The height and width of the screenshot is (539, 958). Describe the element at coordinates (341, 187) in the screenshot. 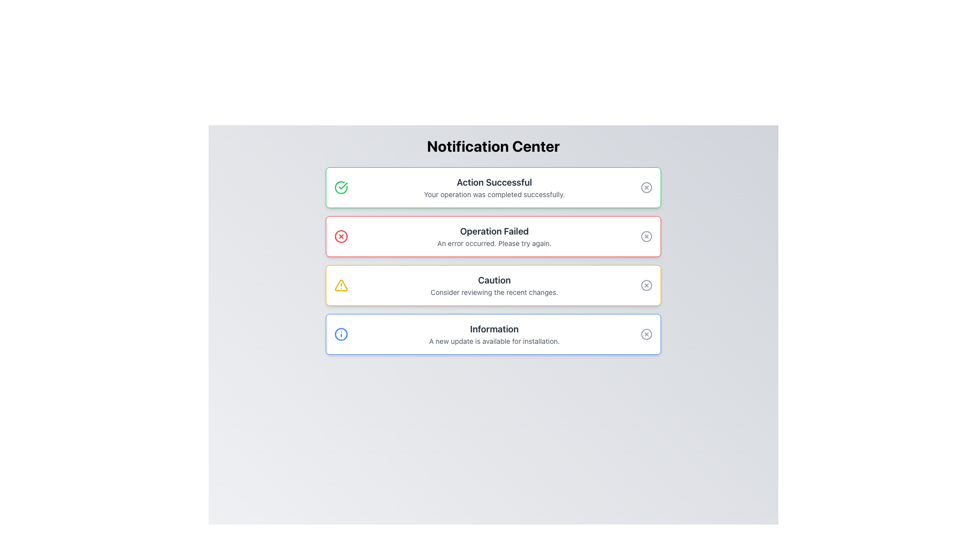

I see `the checkmark icon enclosed within a green circle, located at the top-left corner of the 'Action Successful' notification card, for feedback` at that location.